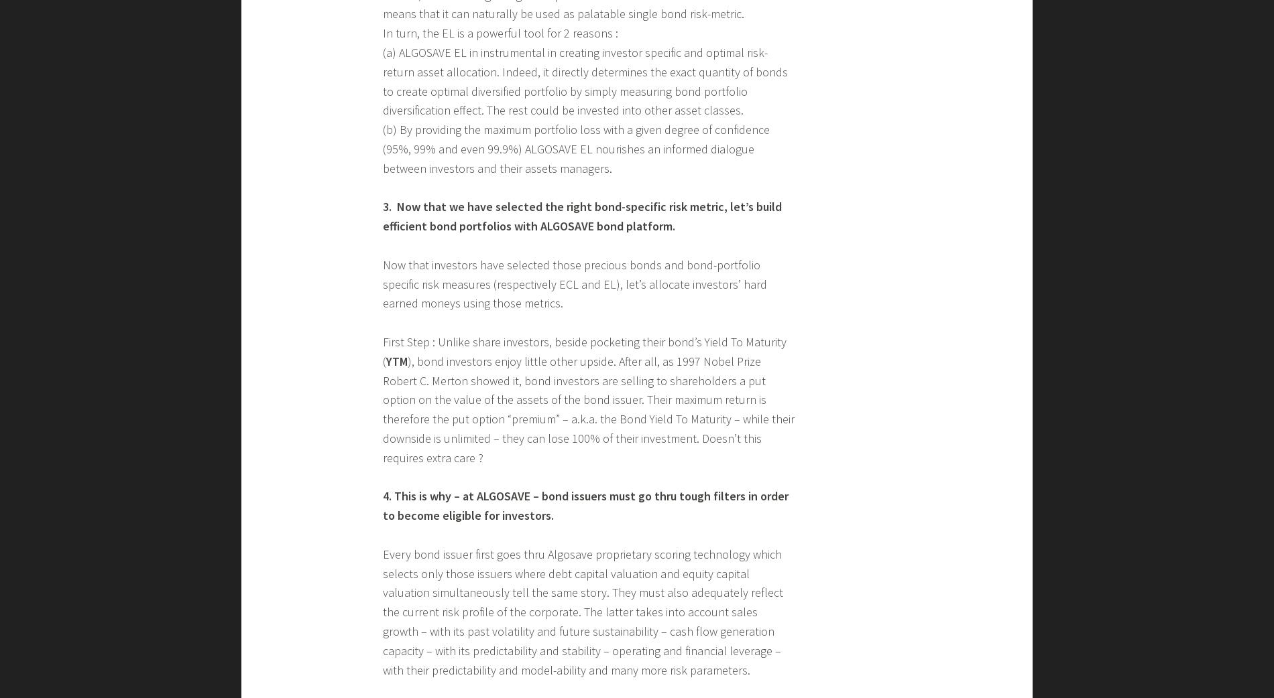 This screenshot has width=1274, height=698. What do you see at coordinates (583, 350) in the screenshot?
I see `'First Step : Unlike share investors, beside pocketing their bond’s Yield To Maturity ('` at bounding box center [583, 350].